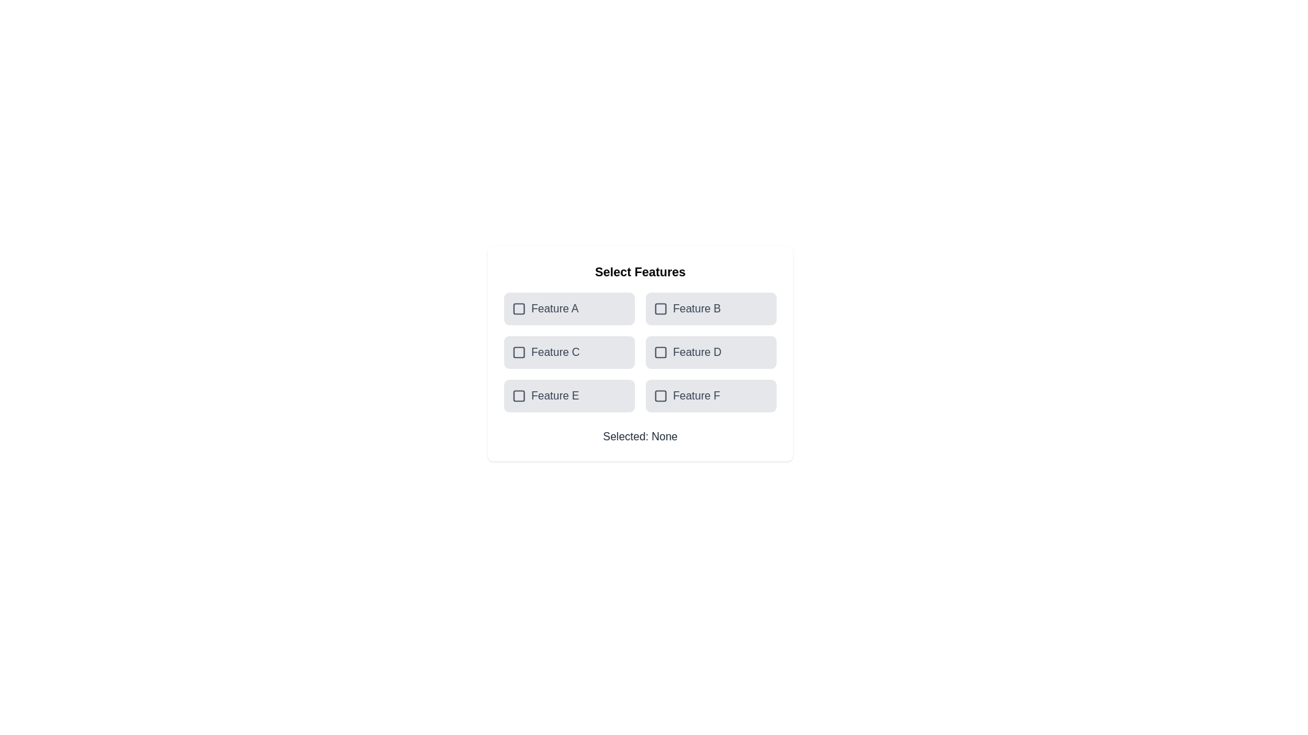 The width and height of the screenshot is (1308, 735). What do you see at coordinates (569, 351) in the screenshot?
I see `the checkbox button labeled 'Feature C'` at bounding box center [569, 351].